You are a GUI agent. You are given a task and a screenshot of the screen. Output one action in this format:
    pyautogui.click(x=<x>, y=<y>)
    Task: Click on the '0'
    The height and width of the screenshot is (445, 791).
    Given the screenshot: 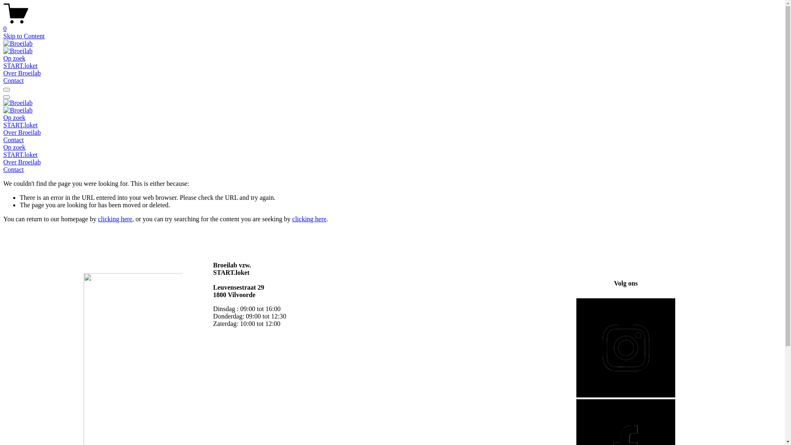 What is the action you would take?
    pyautogui.click(x=3, y=25)
    